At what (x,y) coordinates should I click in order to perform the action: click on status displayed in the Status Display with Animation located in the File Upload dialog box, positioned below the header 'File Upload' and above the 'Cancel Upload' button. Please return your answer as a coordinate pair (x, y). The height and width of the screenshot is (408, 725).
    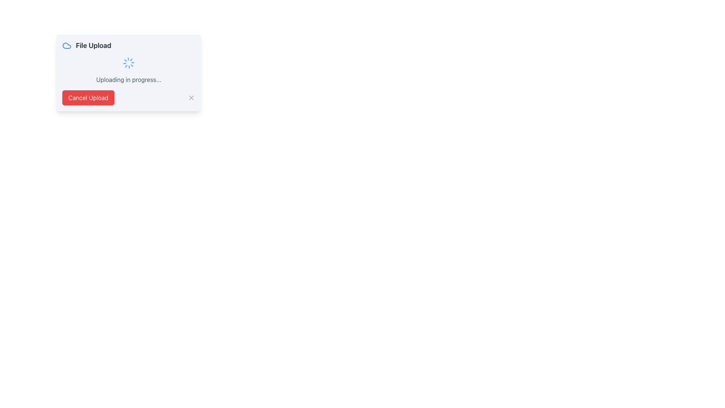
    Looking at the image, I should click on (128, 70).